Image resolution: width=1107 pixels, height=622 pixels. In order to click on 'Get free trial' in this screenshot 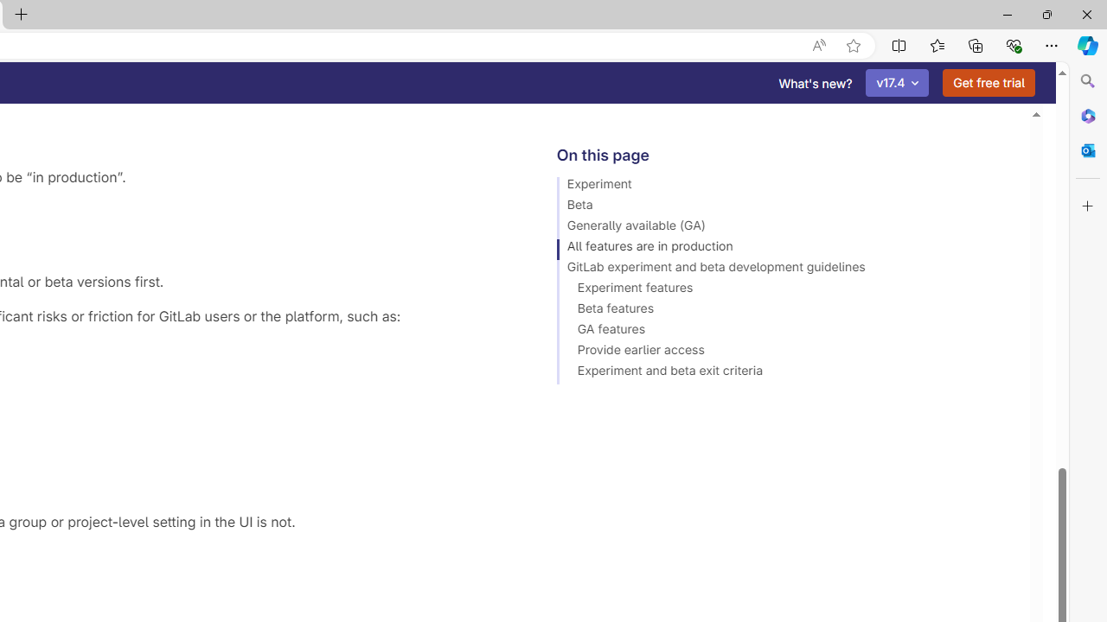, I will do `click(989, 83)`.